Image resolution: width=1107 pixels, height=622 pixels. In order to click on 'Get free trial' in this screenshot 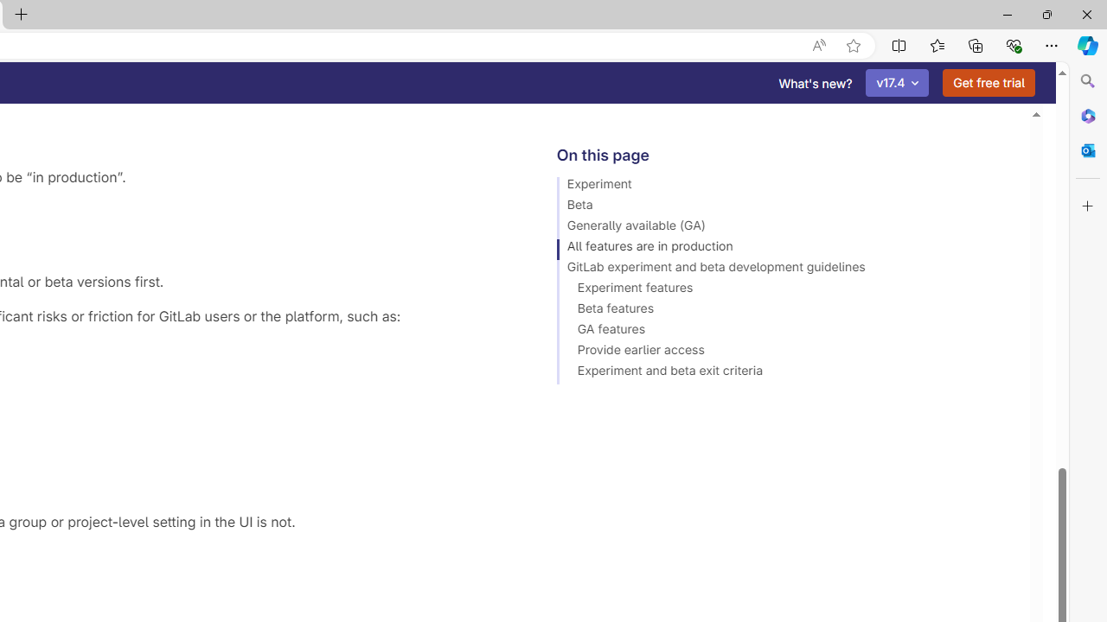, I will do `click(989, 83)`.